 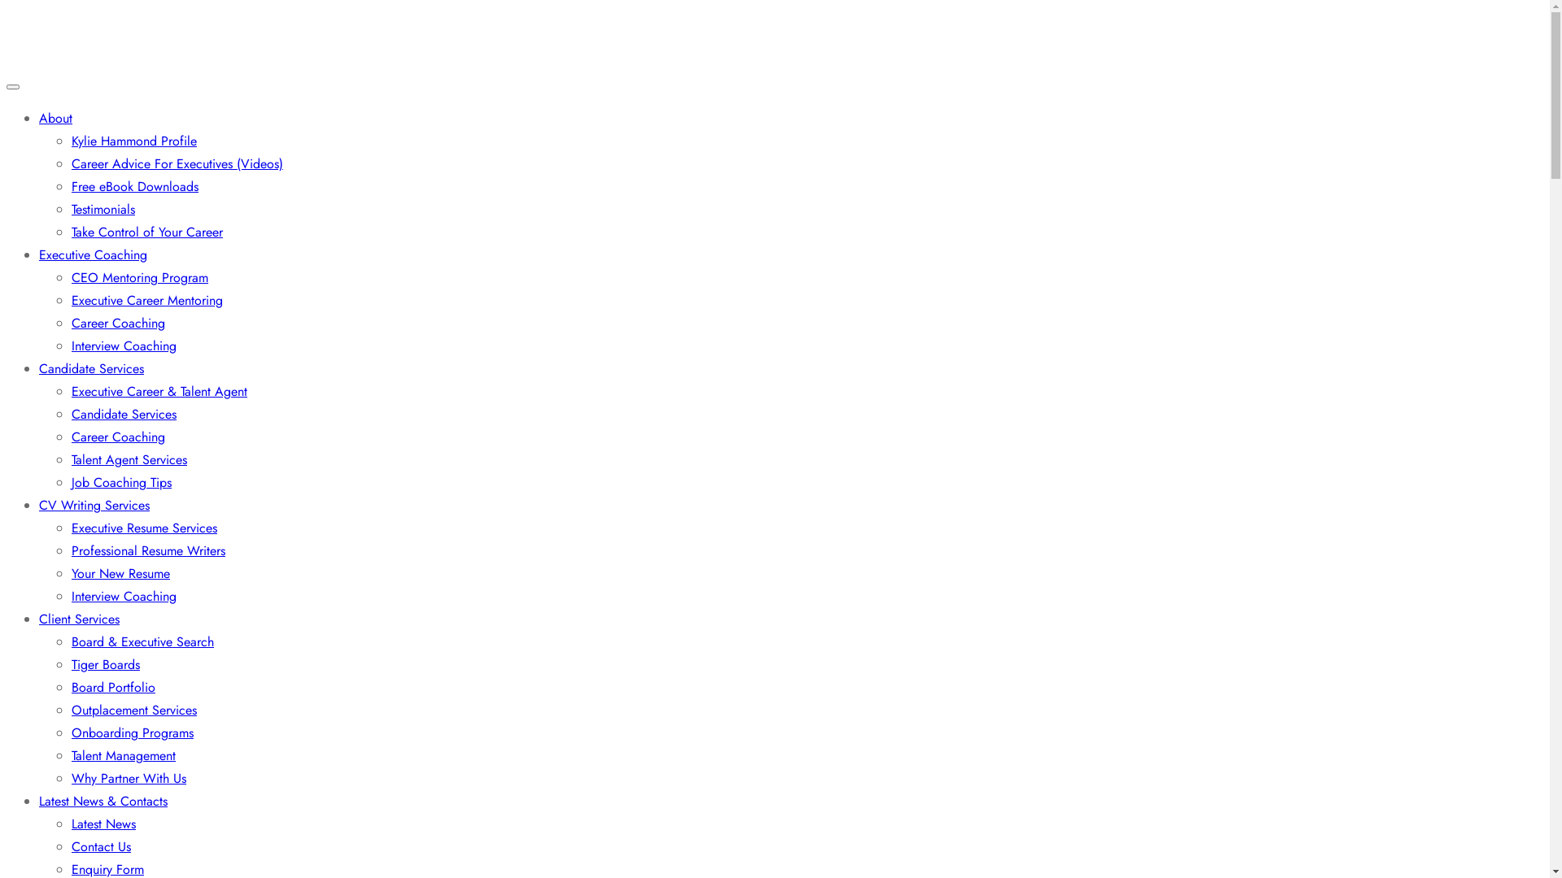 What do you see at coordinates (140, 276) in the screenshot?
I see `'CEO Mentoring Program'` at bounding box center [140, 276].